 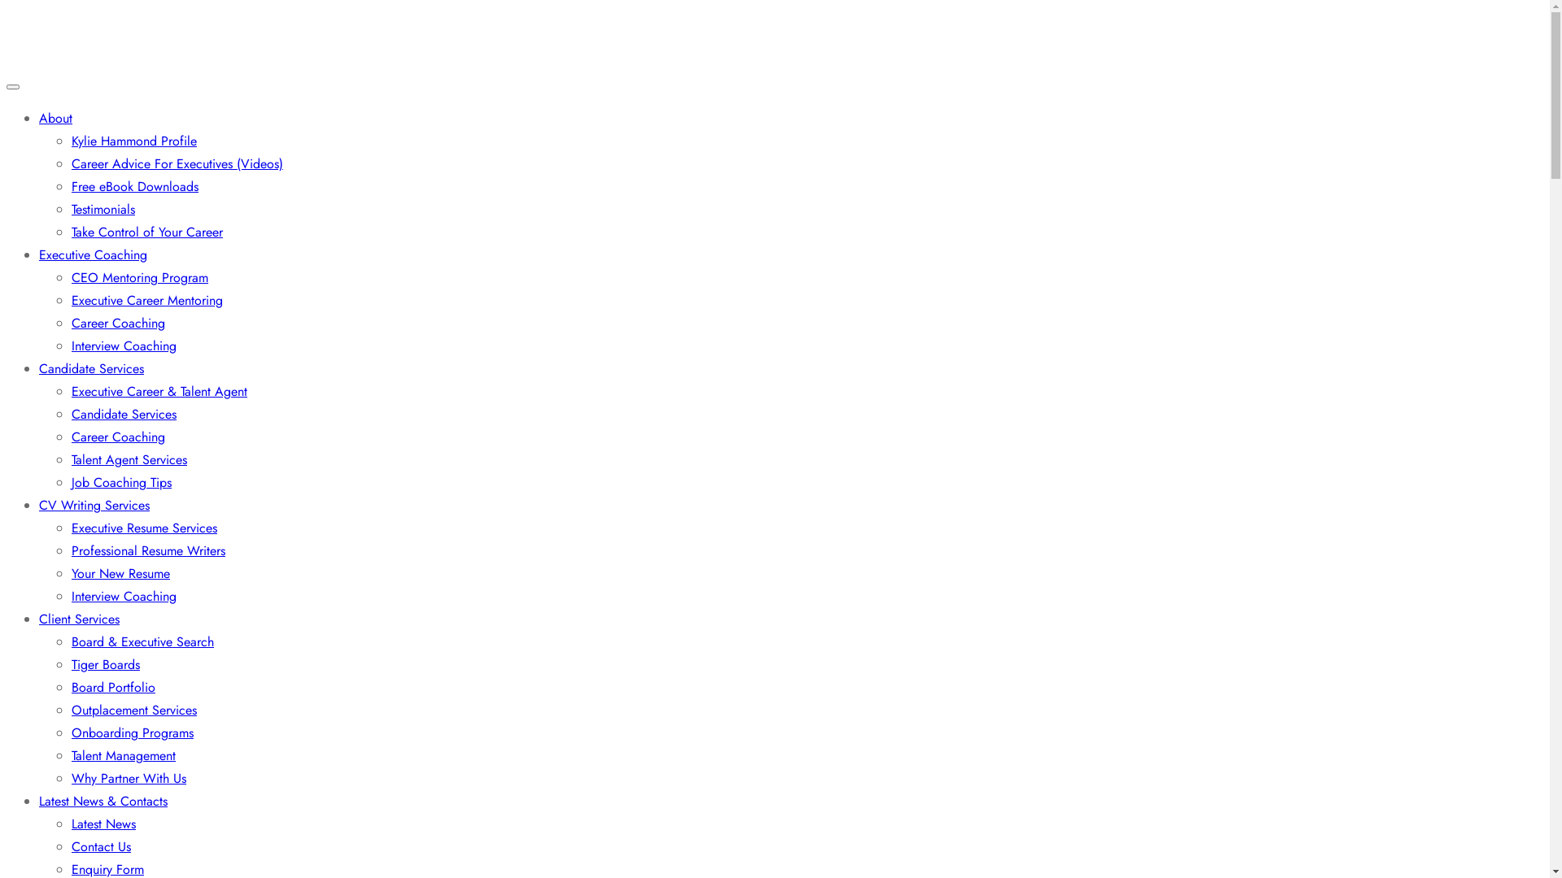 What do you see at coordinates (140, 276) in the screenshot?
I see `'CEO Mentoring Program'` at bounding box center [140, 276].